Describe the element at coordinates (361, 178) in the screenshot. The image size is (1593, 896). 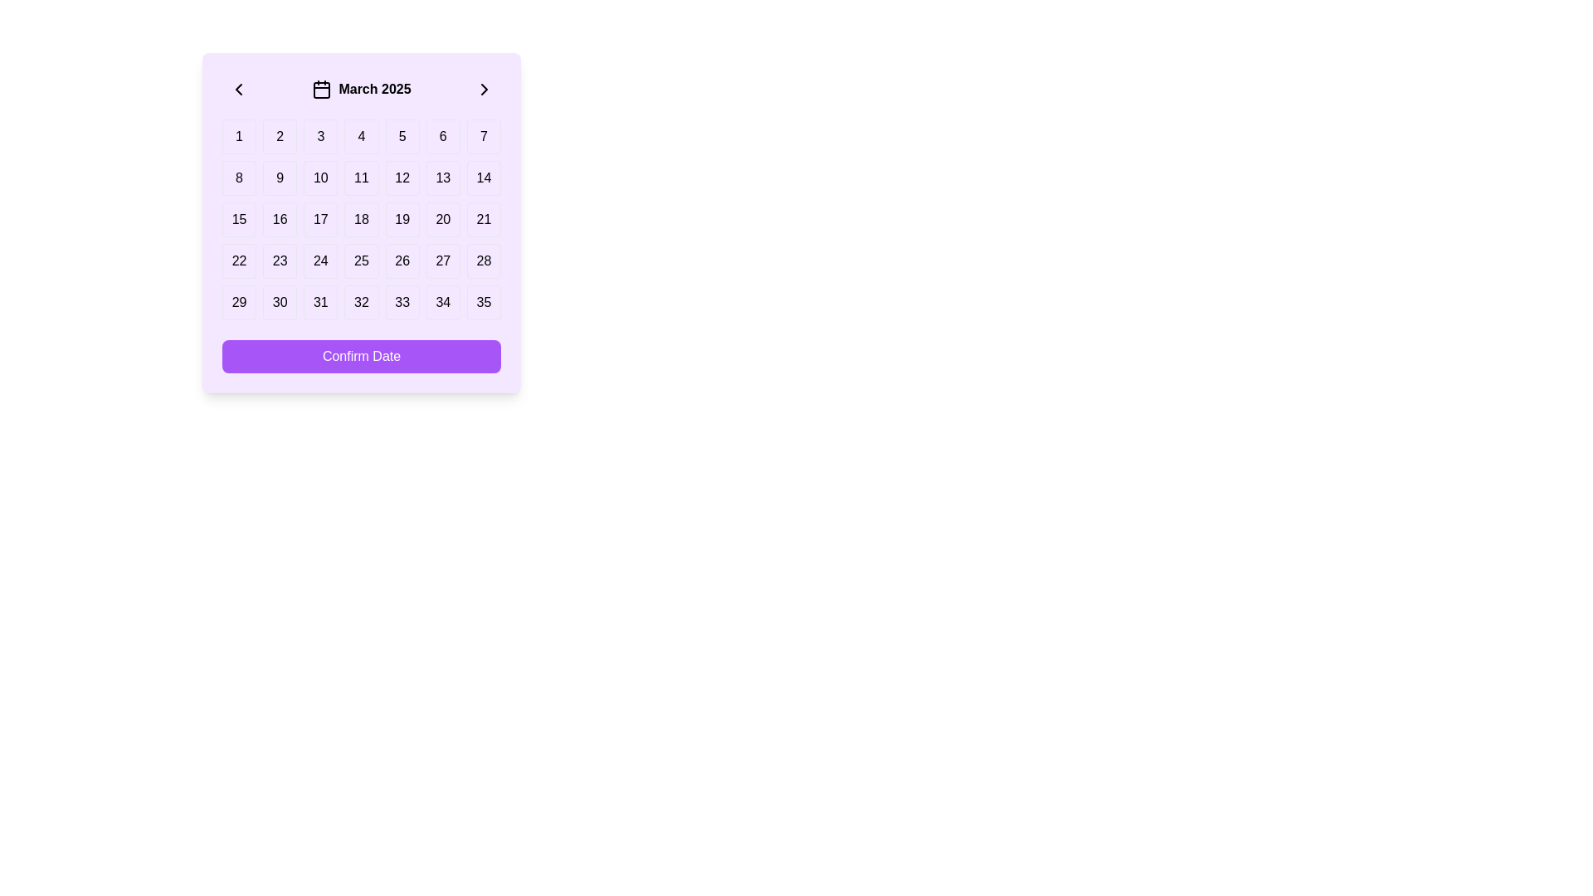
I see `the selectable button labeled '11' located in the second cell of the second row in the date picker grid` at that location.